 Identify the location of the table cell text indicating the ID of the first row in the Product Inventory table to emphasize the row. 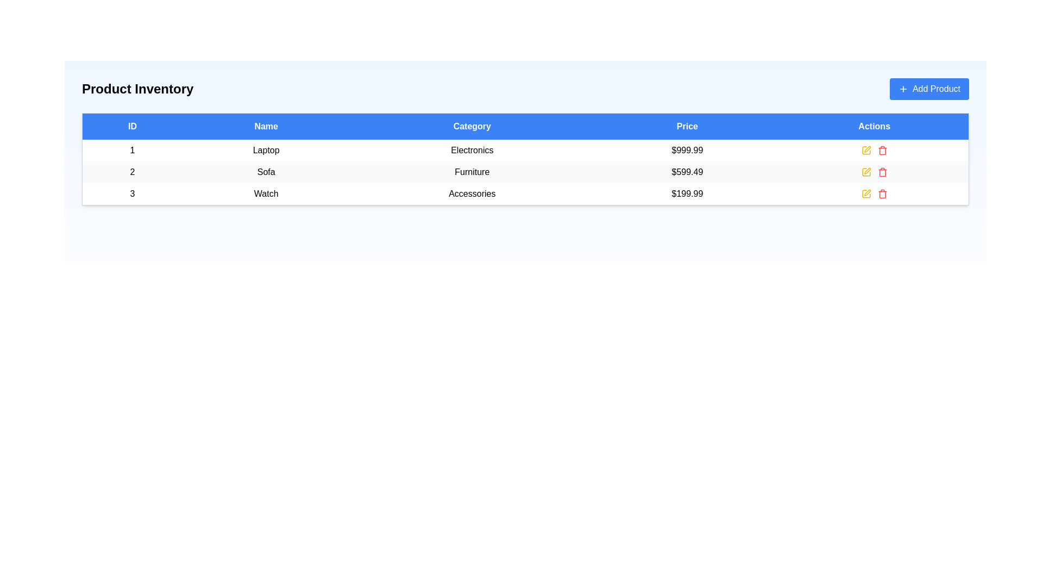
(131, 151).